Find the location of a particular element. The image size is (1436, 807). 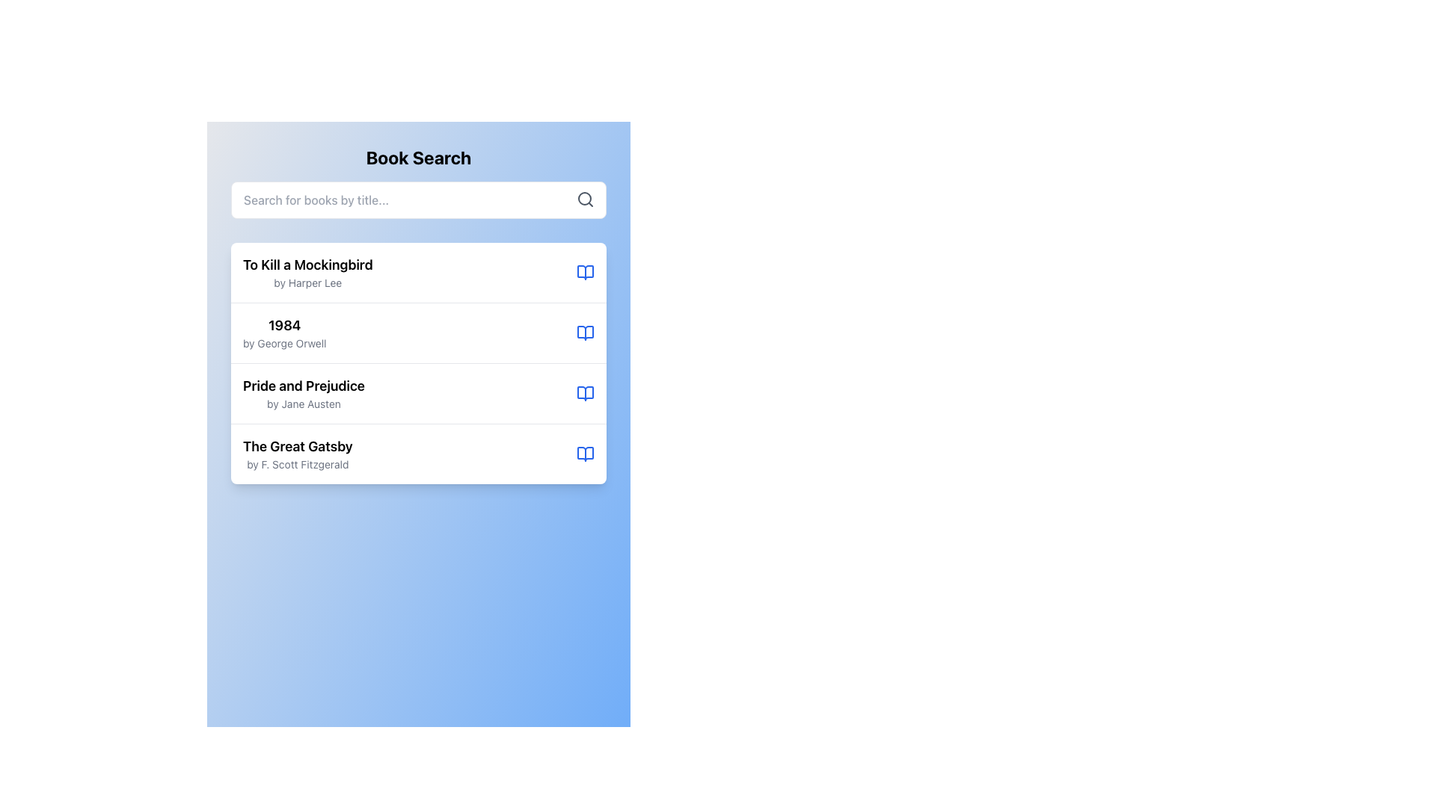

the text label displaying 'by Jane Austen', which is styled in smaller gray text and located below the title 'Pride and Prejudice' is located at coordinates (303, 403).